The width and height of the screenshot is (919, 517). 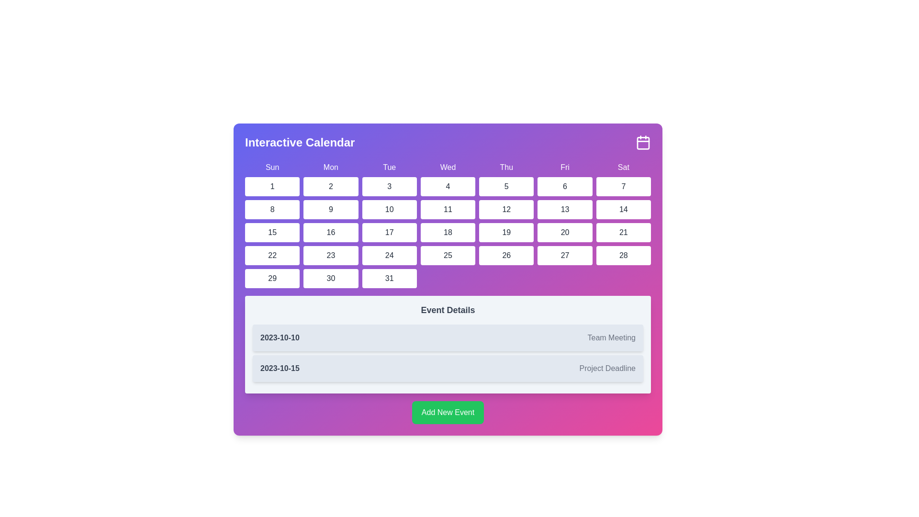 I want to click on the button labeled '12' located in the third row and fifth column of the calendar grid, so click(x=505, y=209).